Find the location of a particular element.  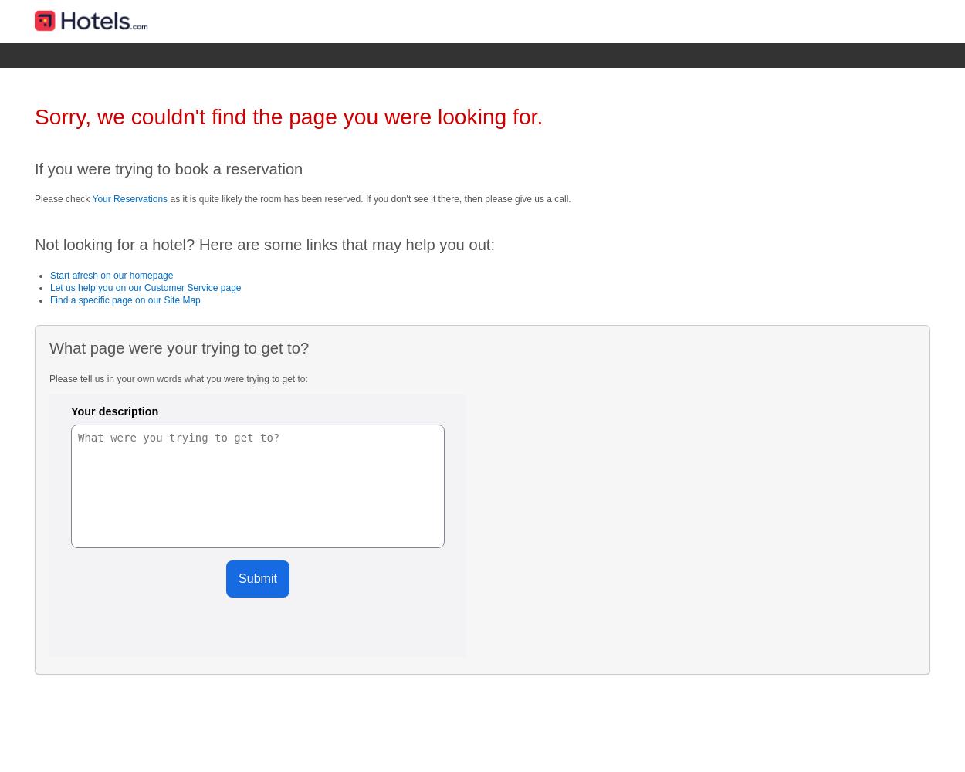

'Your Reservations' is located at coordinates (91, 198).